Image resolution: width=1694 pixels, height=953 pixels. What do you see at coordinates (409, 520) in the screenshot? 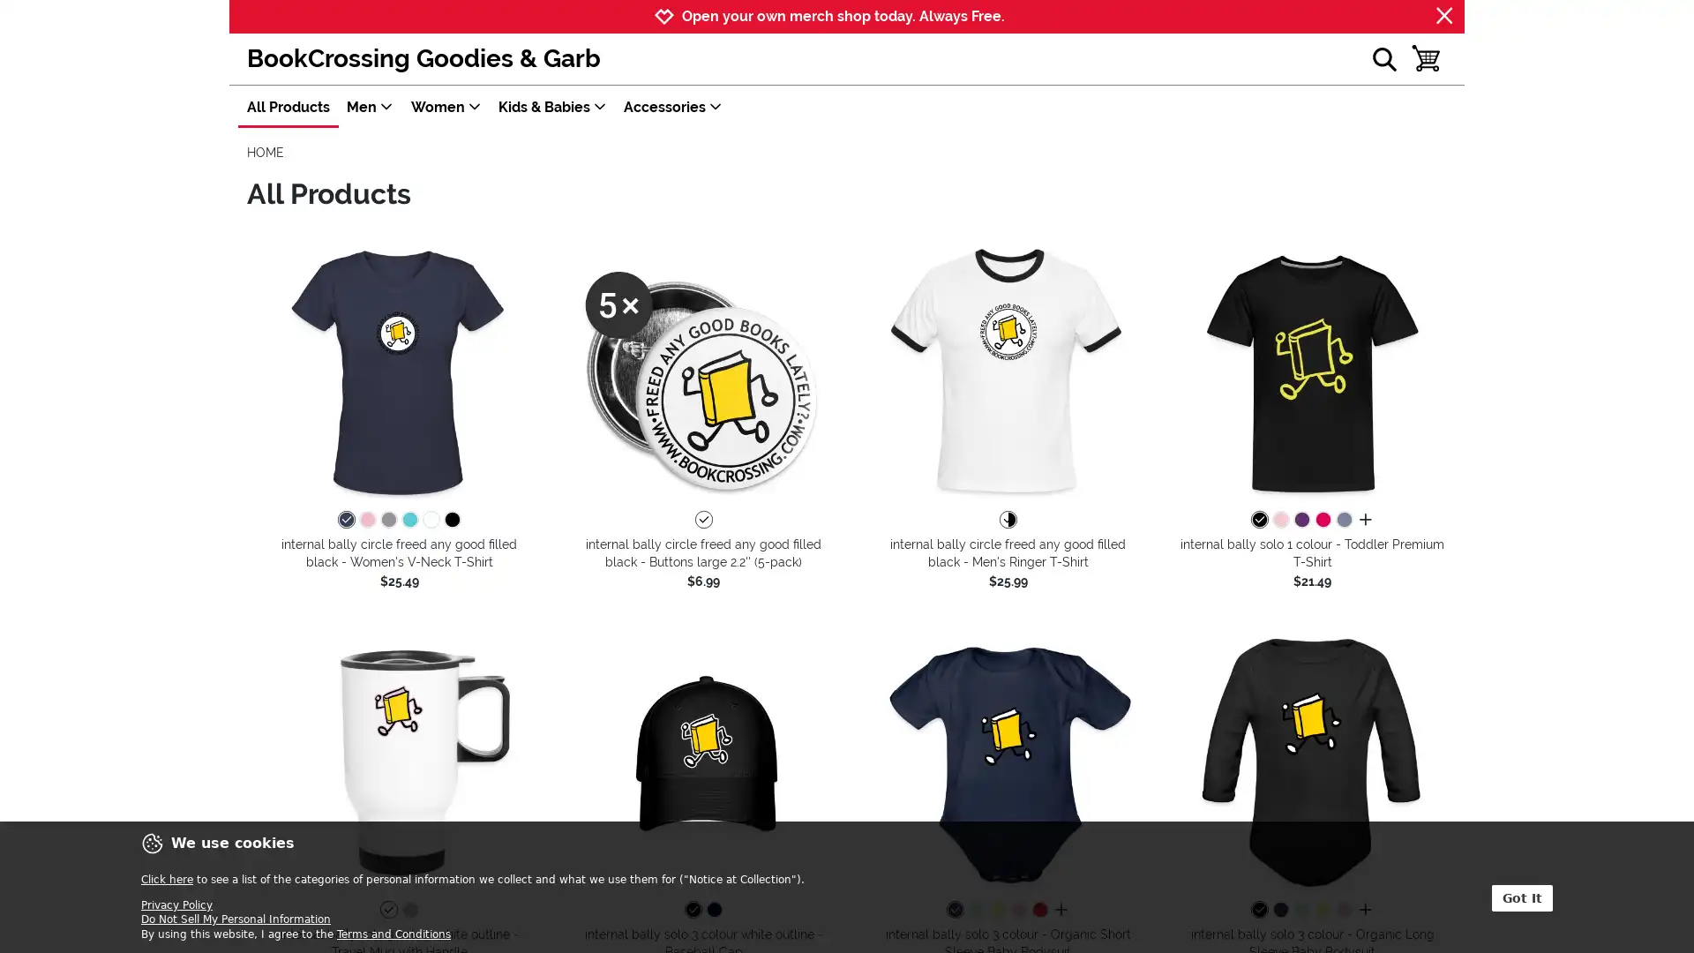
I see `aqua` at bounding box center [409, 520].